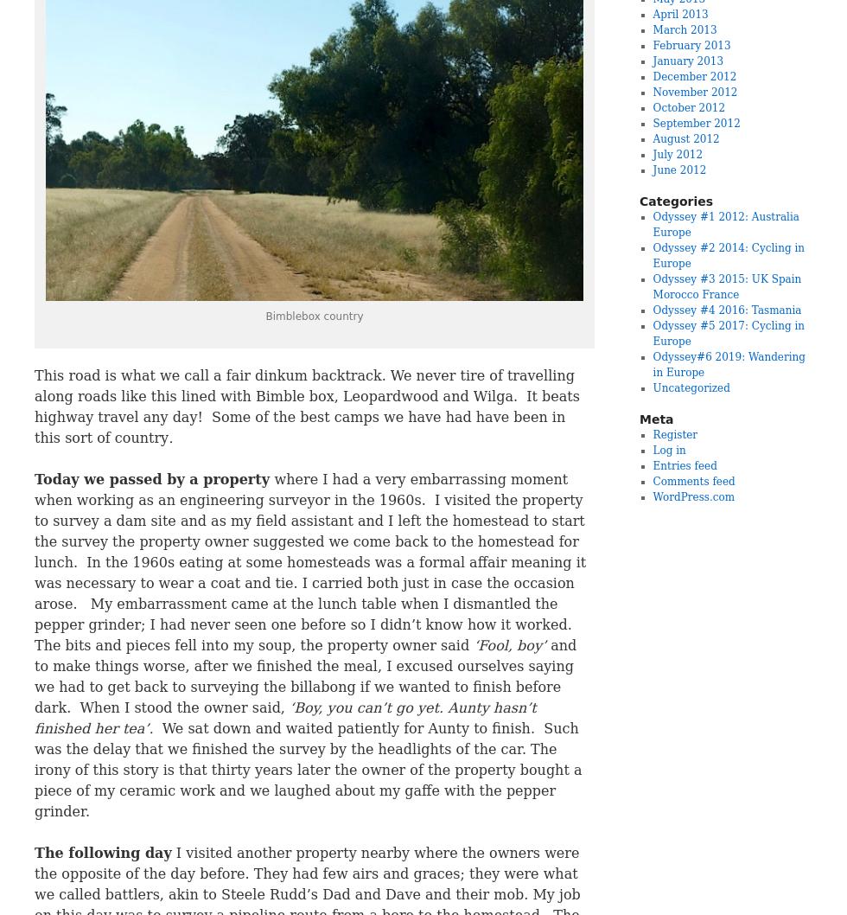  Describe the element at coordinates (652, 466) in the screenshot. I see `'Entries feed'` at that location.